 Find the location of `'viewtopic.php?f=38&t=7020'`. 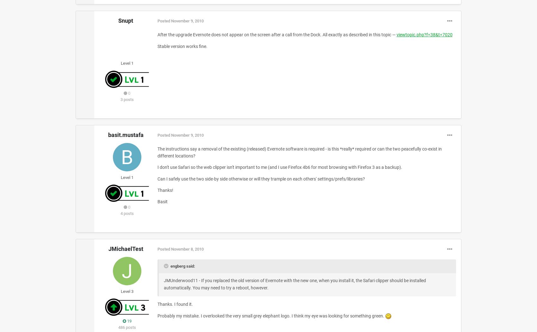

'viewtopic.php?f=38&t=7020' is located at coordinates (424, 35).